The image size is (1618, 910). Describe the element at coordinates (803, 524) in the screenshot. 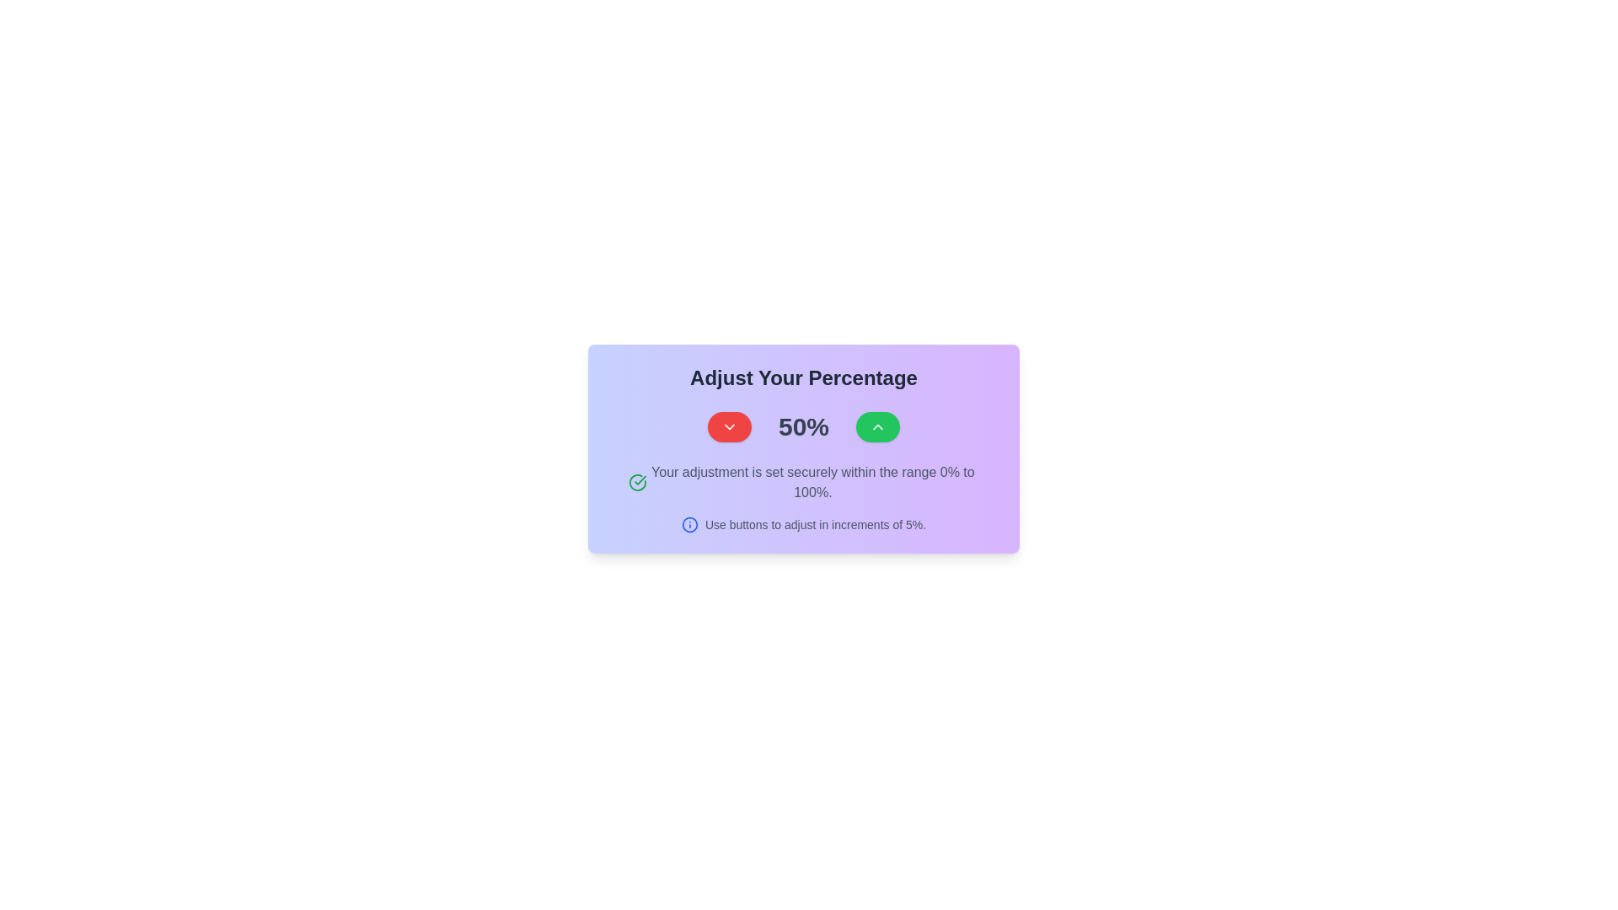

I see `the informational text element that displays 'Use buttons to adjust in increments of 5%.' and contains a blue circle with an informational icon, positioned at the bottom of the card interface` at that location.